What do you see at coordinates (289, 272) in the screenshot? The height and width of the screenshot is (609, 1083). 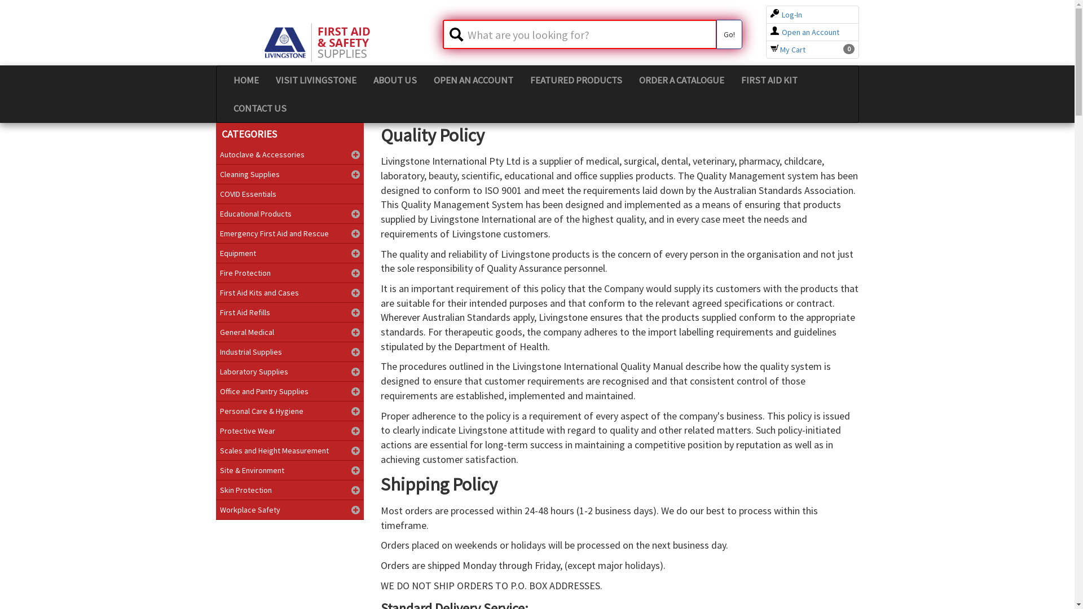 I see `'Fire Protection'` at bounding box center [289, 272].